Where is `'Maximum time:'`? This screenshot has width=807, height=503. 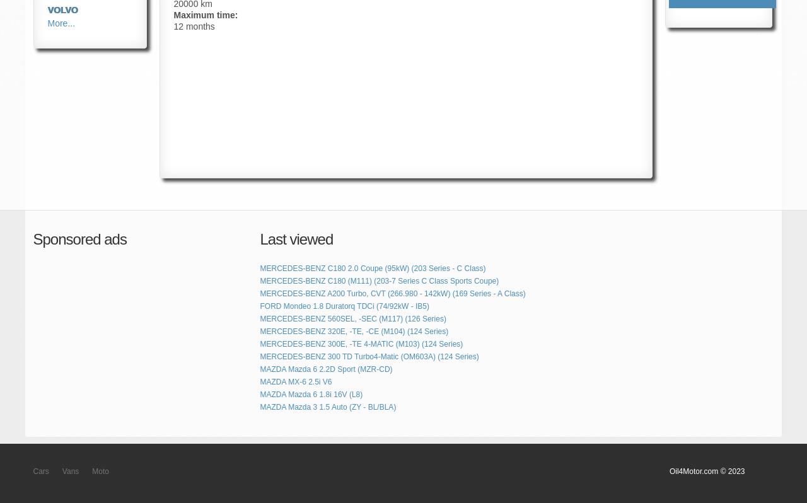
'Maximum time:' is located at coordinates (206, 14).